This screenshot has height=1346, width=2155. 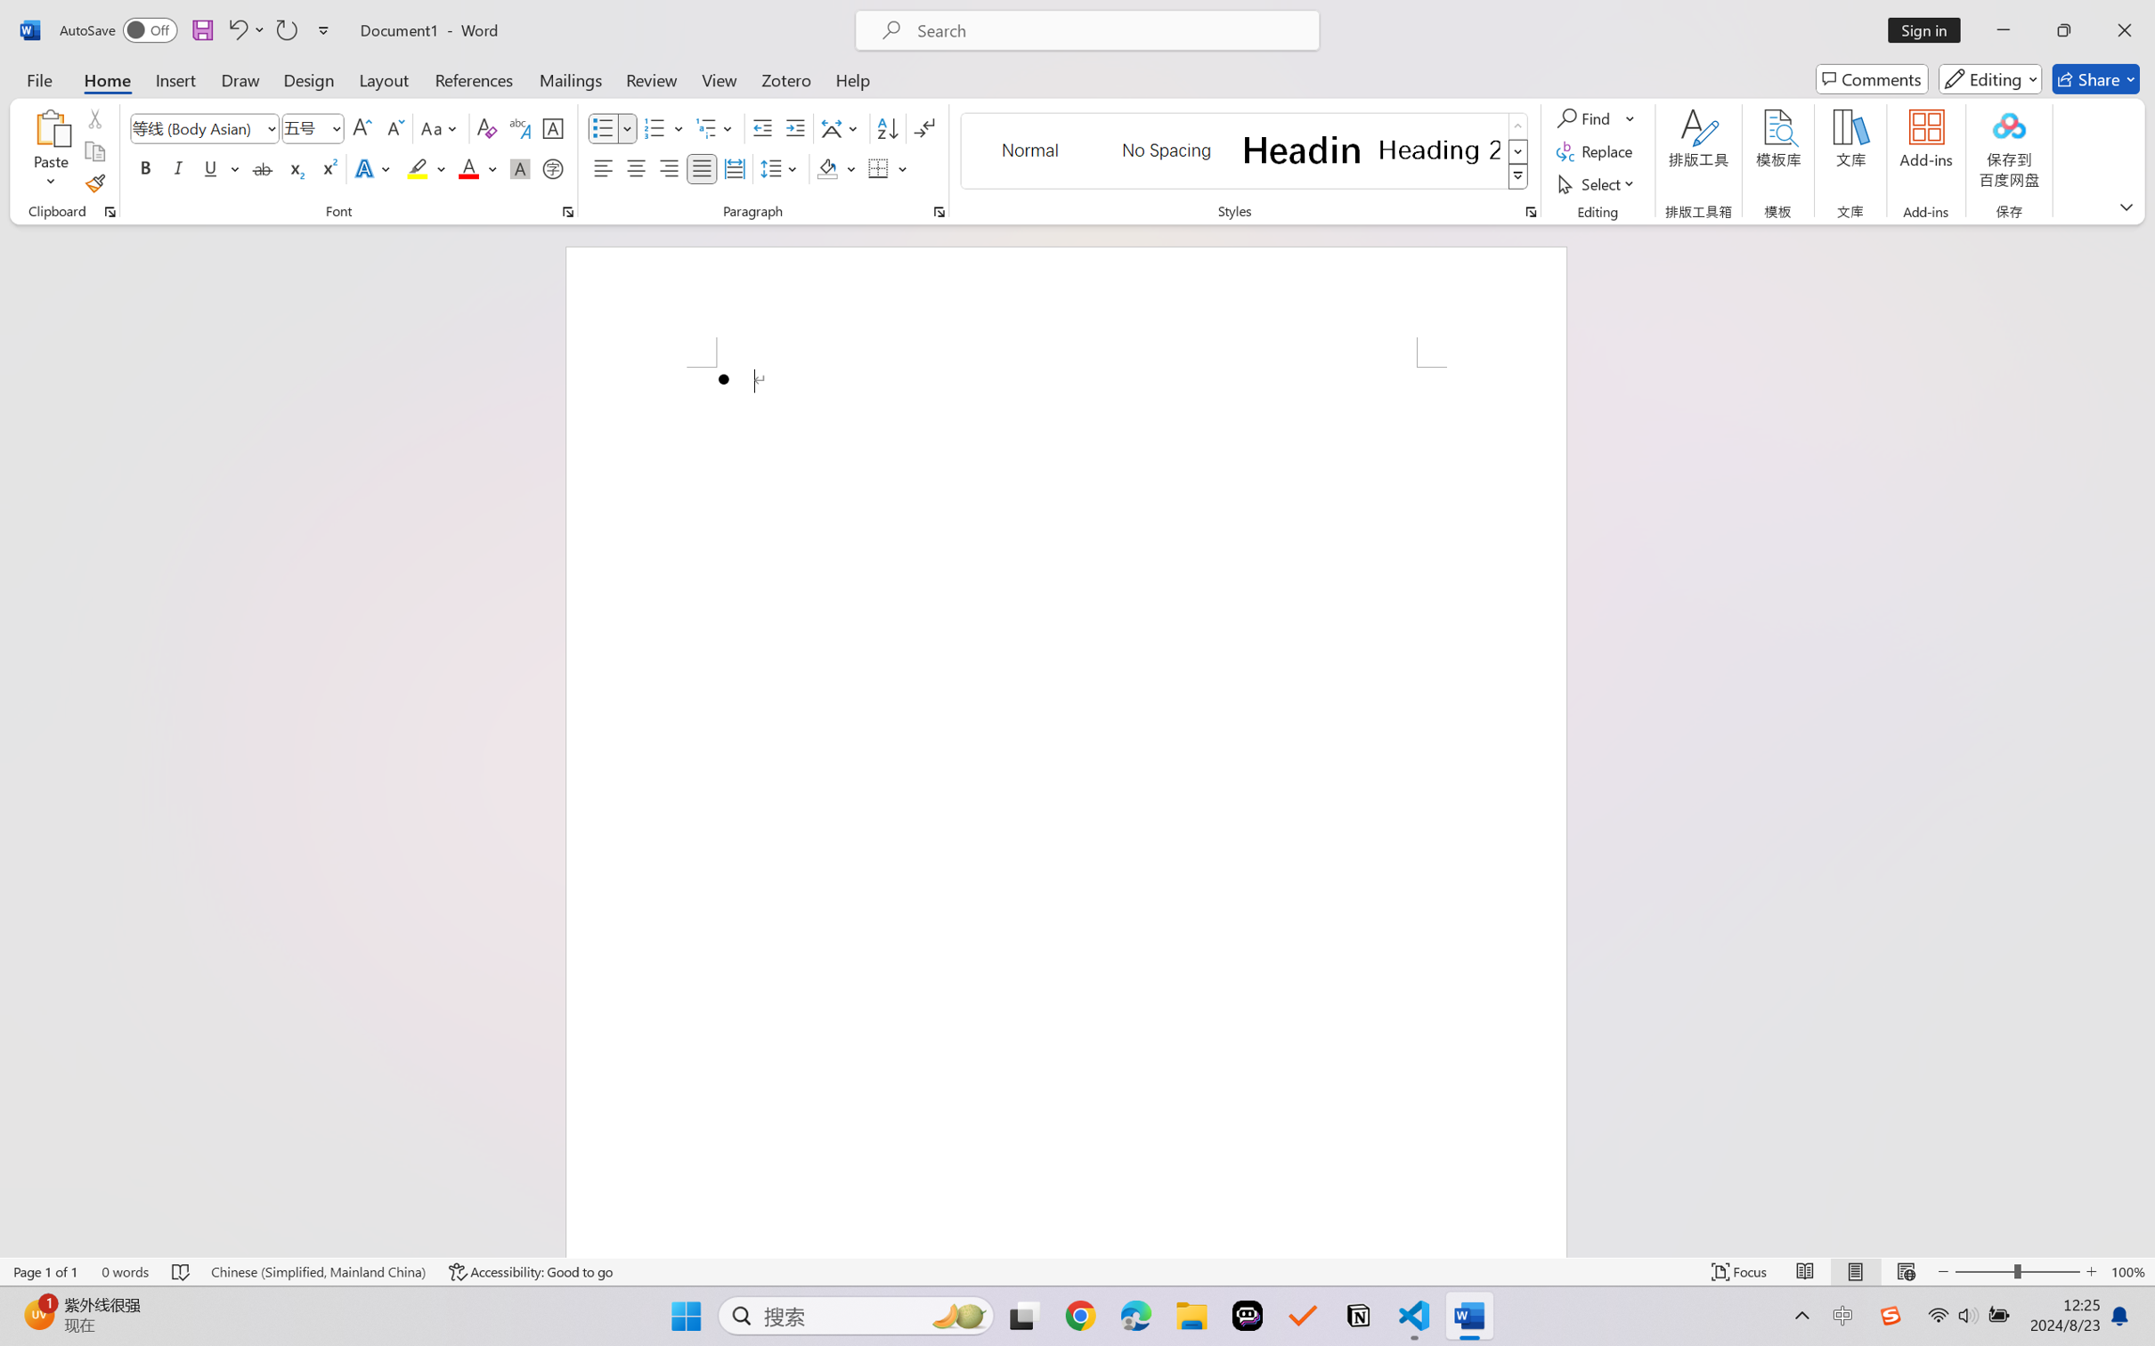 I want to click on 'Language Chinese (Simplified, Mainland China)', so click(x=317, y=1271).